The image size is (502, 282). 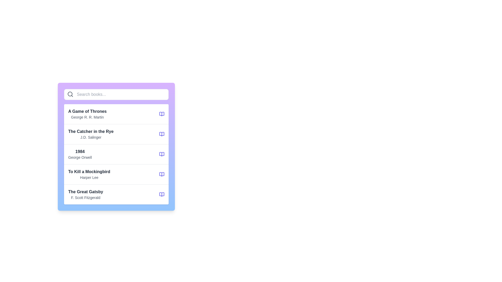 What do you see at coordinates (162, 114) in the screenshot?
I see `the open book icon, which is light indigo in color, located at the top-right of the book entry for 'A Game of Thrones' by 'George R. R. Martin'` at bounding box center [162, 114].